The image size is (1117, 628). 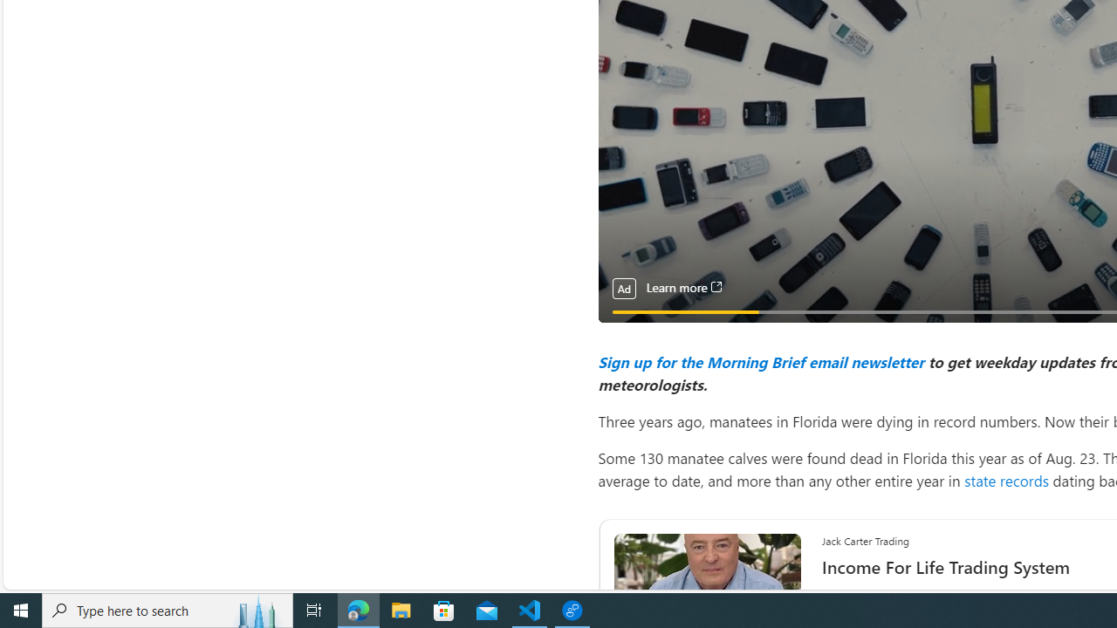 I want to click on 'Sign up for the Morning Brief email newsletter', so click(x=760, y=360).